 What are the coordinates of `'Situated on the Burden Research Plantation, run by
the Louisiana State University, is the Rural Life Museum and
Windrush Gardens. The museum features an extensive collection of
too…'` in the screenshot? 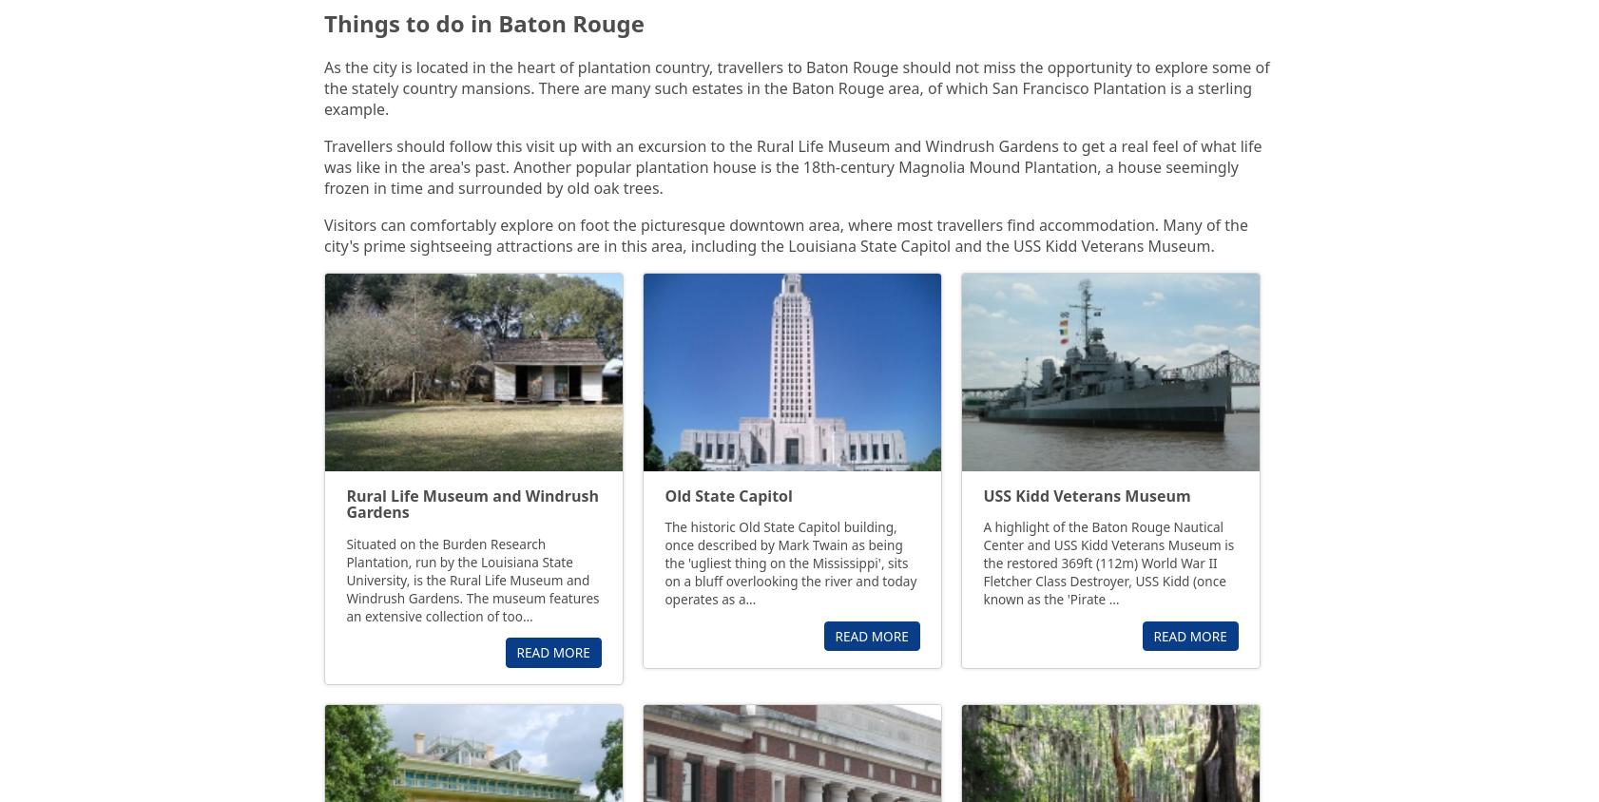 It's located at (472, 579).